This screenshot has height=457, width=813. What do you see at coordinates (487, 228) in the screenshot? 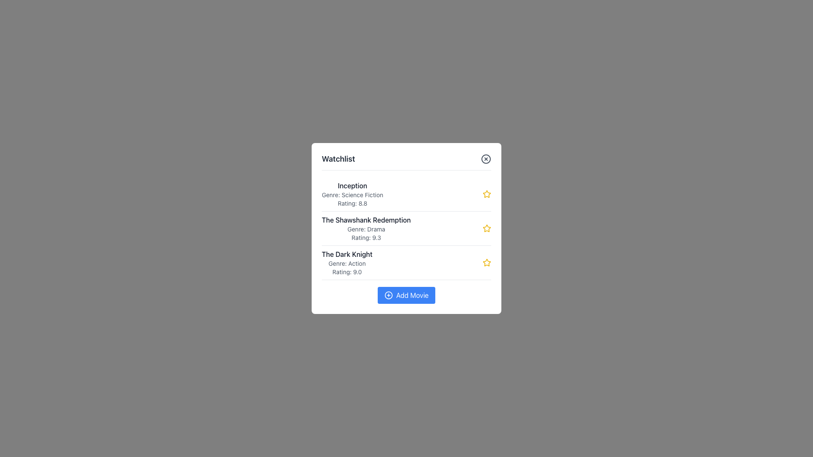
I see `the star icon` at bounding box center [487, 228].